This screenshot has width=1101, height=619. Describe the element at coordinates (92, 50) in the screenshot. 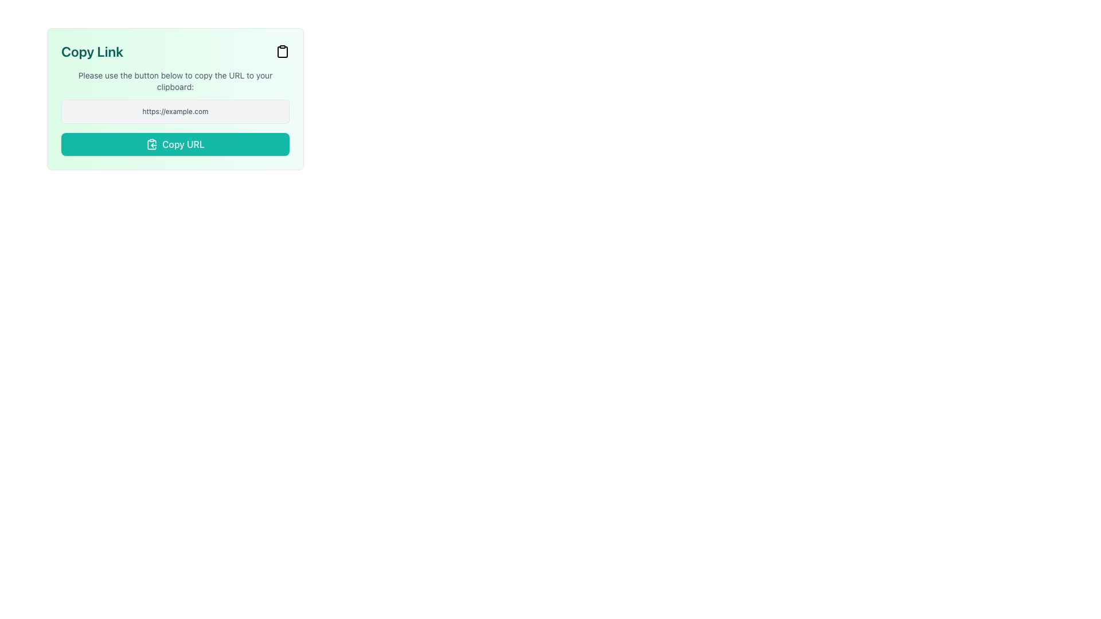

I see `the Text Label that serves as a descriptive title for copying a link, located to the left of a clipboard icon in a card-like layout` at that location.